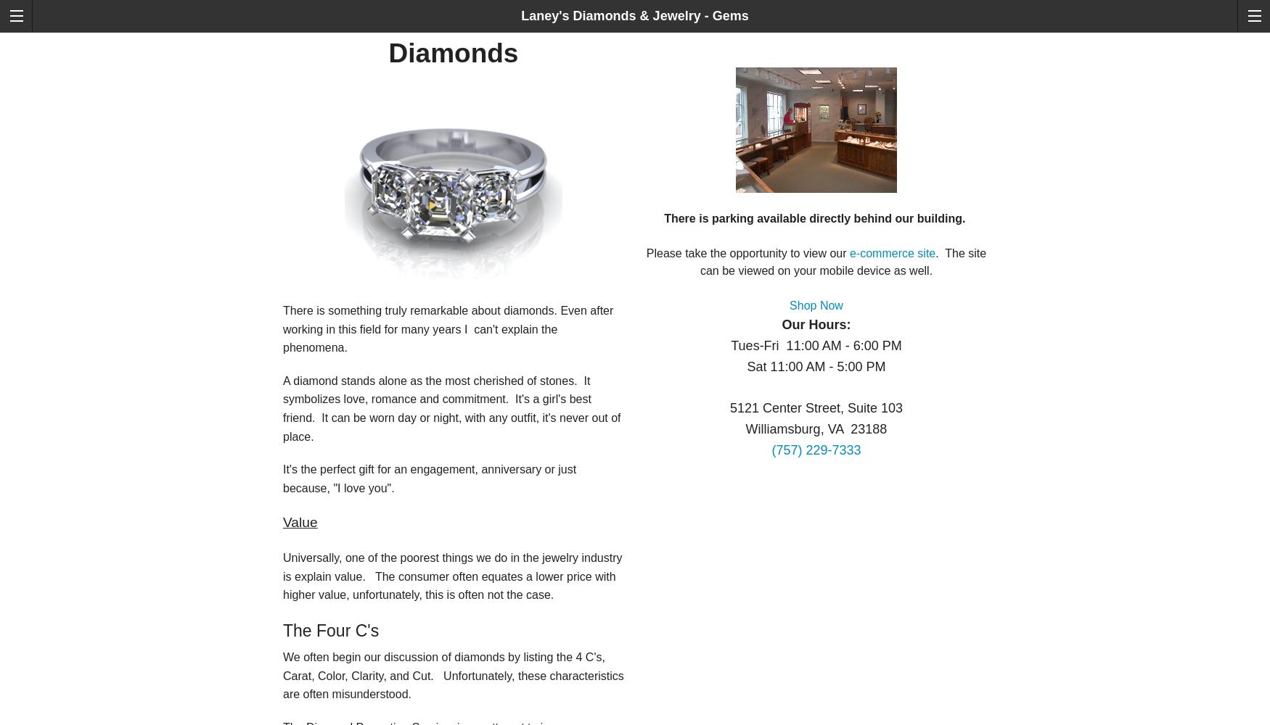 The image size is (1270, 725). Describe the element at coordinates (663, 218) in the screenshot. I see `'There is parking available directly behind our building.'` at that location.